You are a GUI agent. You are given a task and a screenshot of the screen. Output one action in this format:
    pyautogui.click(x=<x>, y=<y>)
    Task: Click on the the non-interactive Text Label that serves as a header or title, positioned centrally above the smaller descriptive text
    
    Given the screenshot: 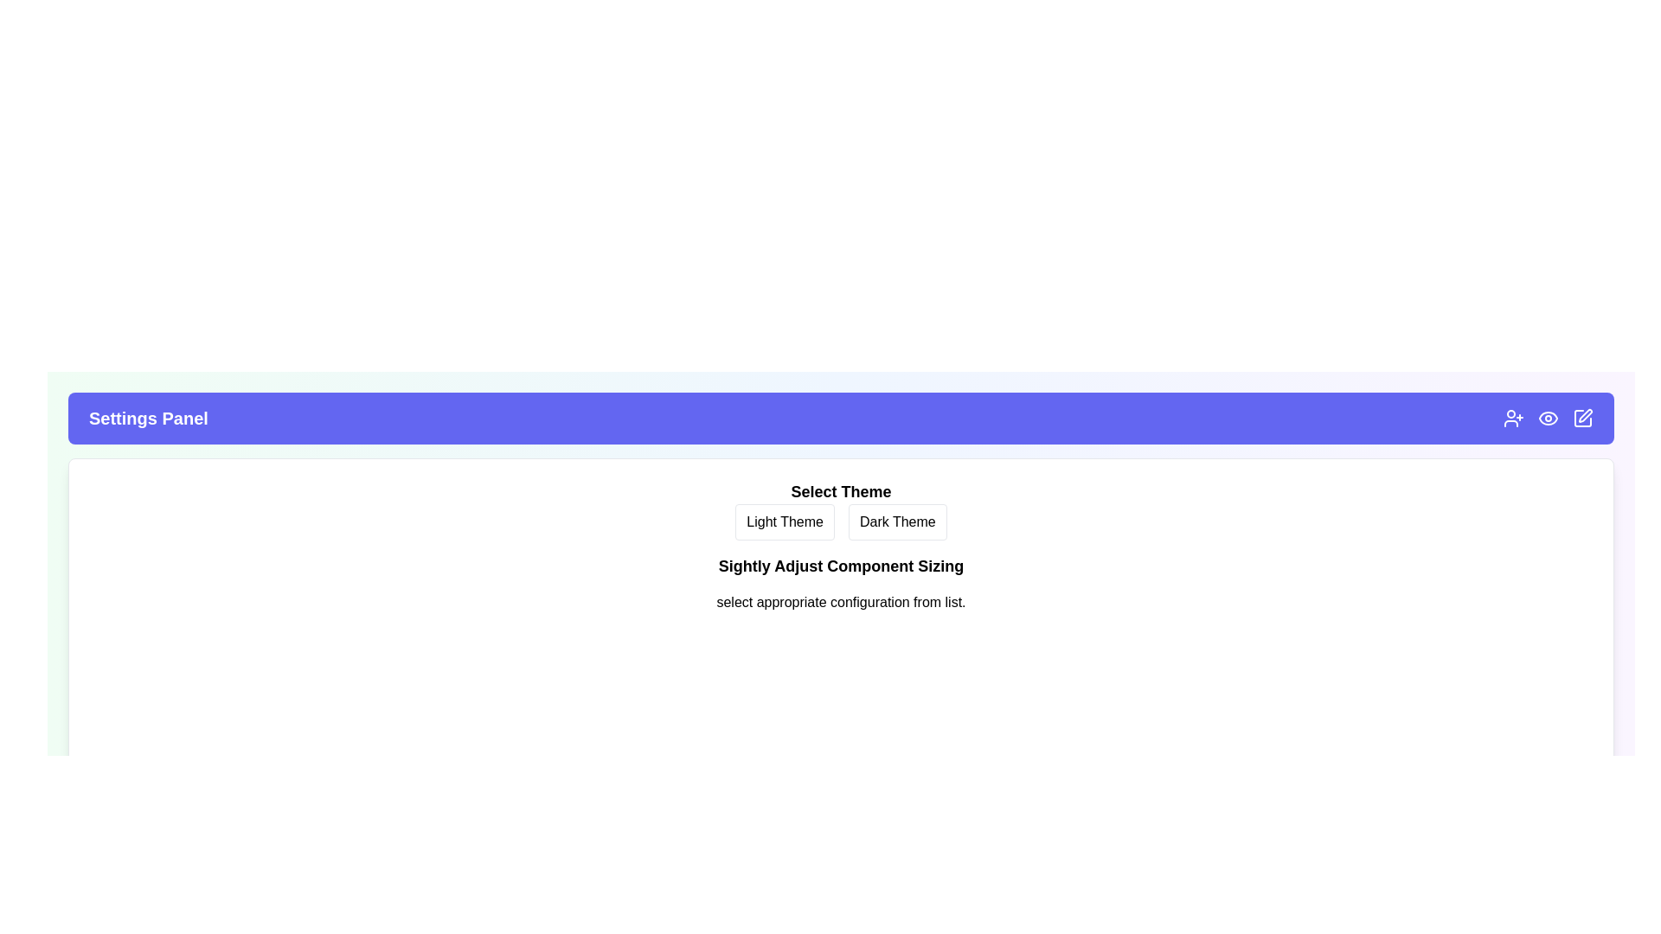 What is the action you would take?
    pyautogui.click(x=841, y=566)
    